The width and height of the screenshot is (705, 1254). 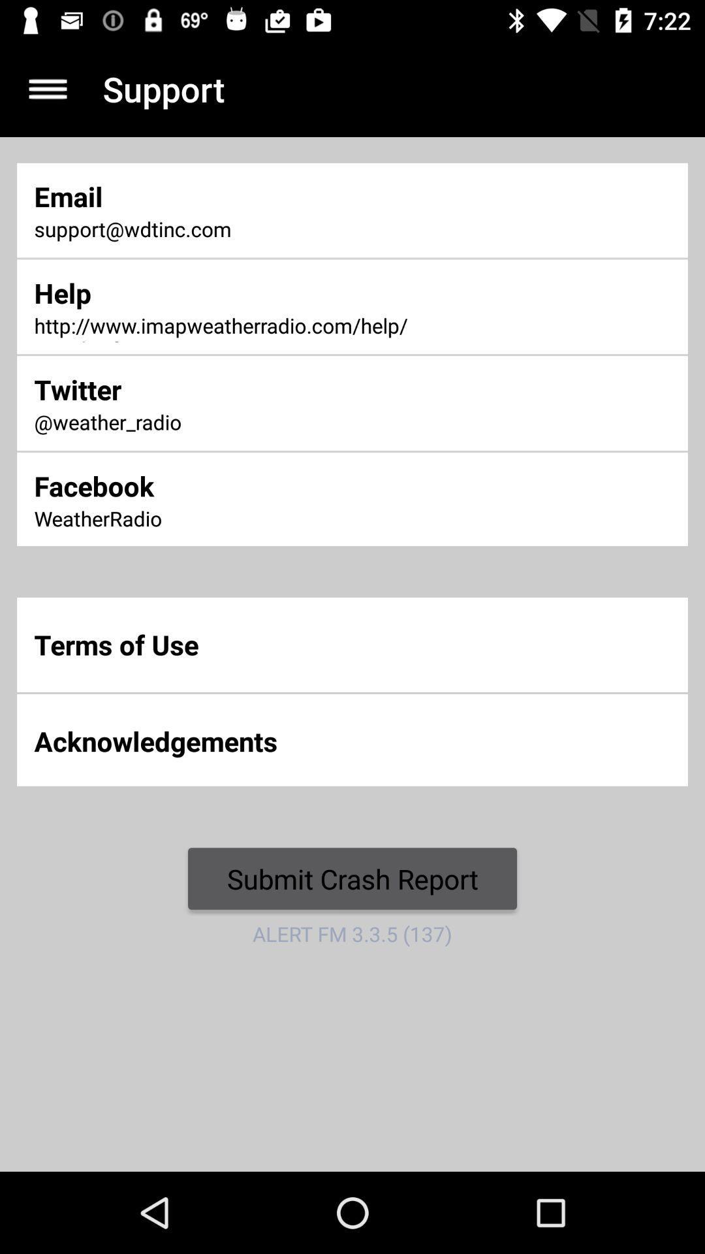 What do you see at coordinates (234, 485) in the screenshot?
I see `the facebook icon` at bounding box center [234, 485].